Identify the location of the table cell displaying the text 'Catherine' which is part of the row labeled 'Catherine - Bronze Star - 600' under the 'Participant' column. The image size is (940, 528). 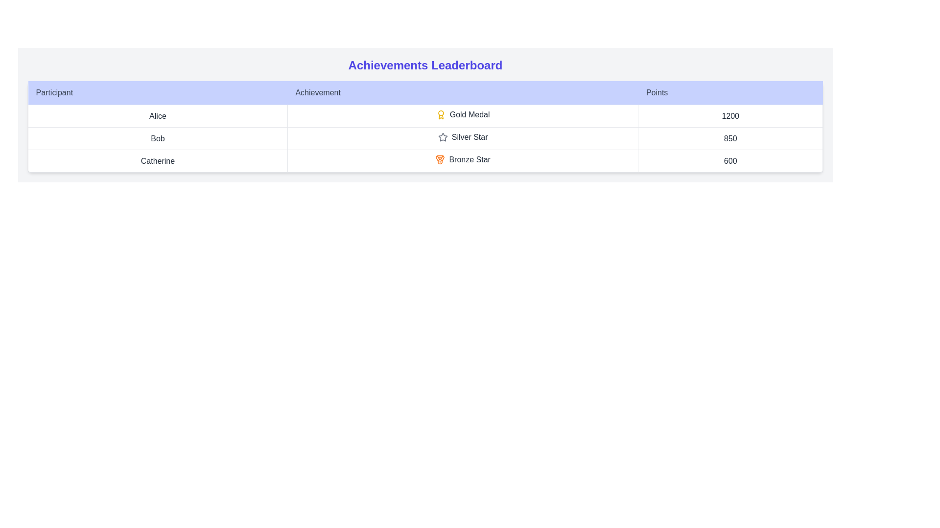
(158, 160).